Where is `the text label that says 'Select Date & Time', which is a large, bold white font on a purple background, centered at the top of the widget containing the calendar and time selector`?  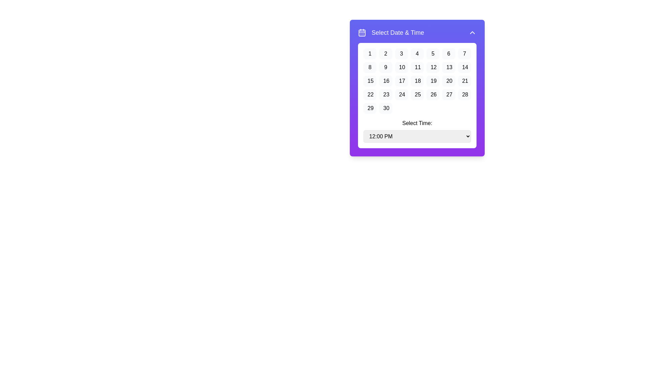 the text label that says 'Select Date & Time', which is a large, bold white font on a purple background, centered at the top of the widget containing the calendar and time selector is located at coordinates (398, 33).